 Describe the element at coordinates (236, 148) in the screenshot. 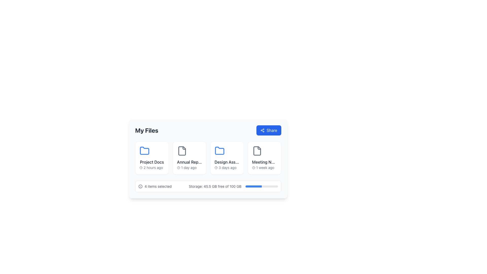

I see `the button in the top-right corner of the 'Design Assignments' card` at that location.